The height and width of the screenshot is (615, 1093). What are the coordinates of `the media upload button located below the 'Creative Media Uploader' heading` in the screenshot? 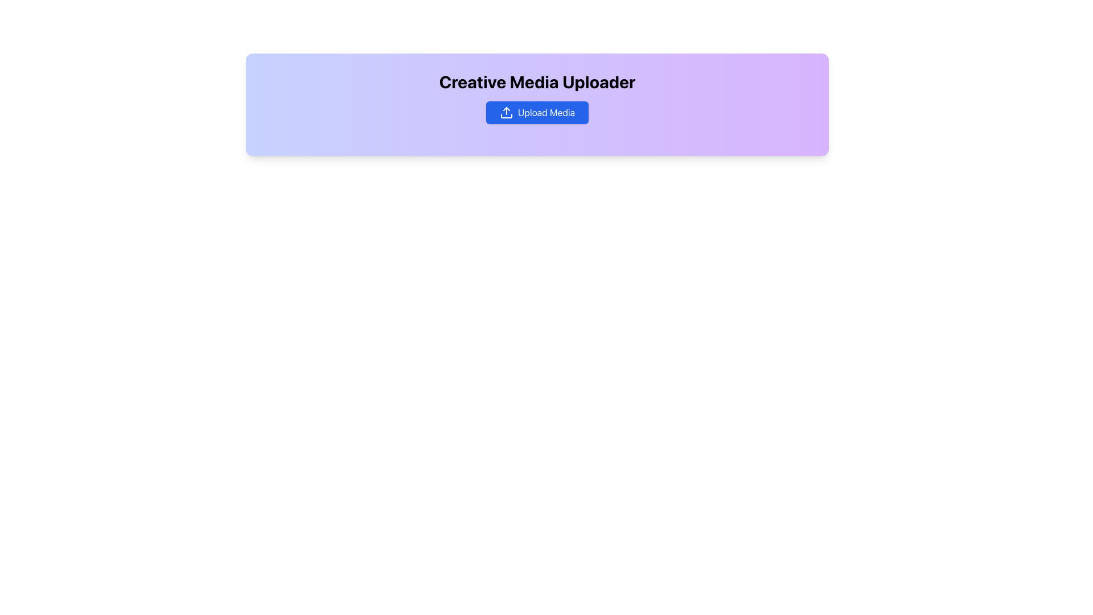 It's located at (537, 112).